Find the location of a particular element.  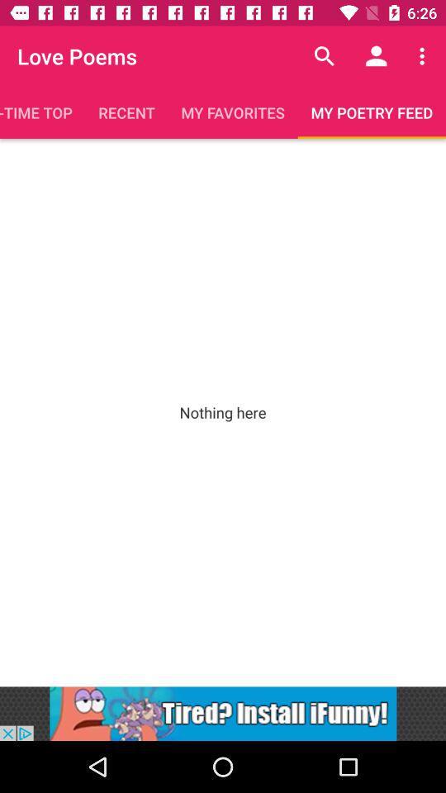

link to site is located at coordinates (223, 713).